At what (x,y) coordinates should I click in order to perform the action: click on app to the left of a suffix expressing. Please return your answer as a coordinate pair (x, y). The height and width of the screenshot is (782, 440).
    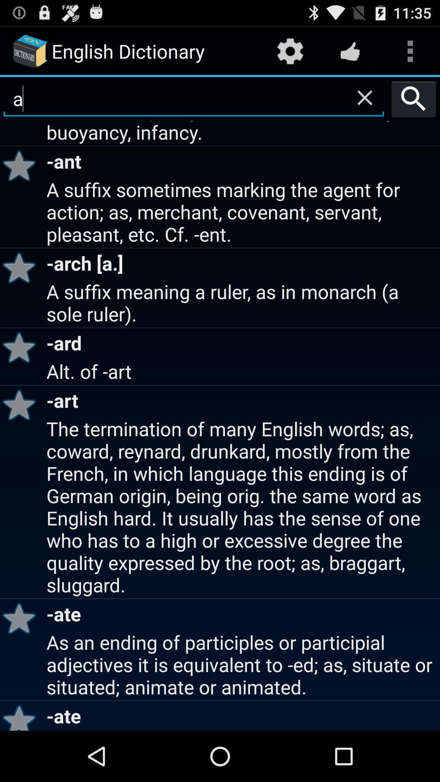
    Looking at the image, I should click on (22, 165).